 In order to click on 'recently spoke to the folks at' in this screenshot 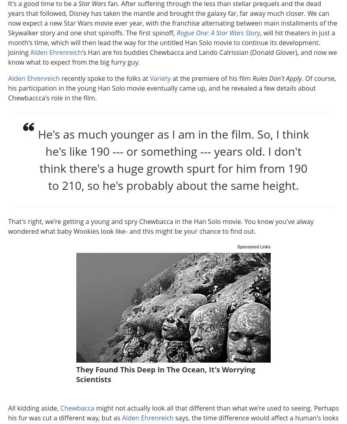, I will do `click(59, 78)`.